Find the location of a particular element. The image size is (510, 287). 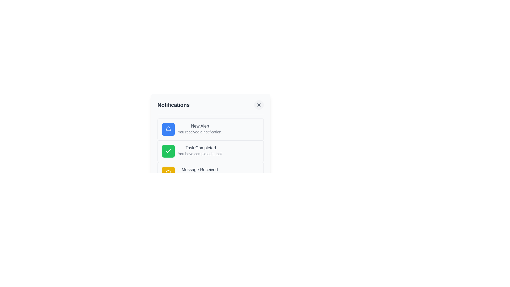

the notification icon representing a 'Message Received' alert located at the leftmost side of the notification card is located at coordinates (168, 173).